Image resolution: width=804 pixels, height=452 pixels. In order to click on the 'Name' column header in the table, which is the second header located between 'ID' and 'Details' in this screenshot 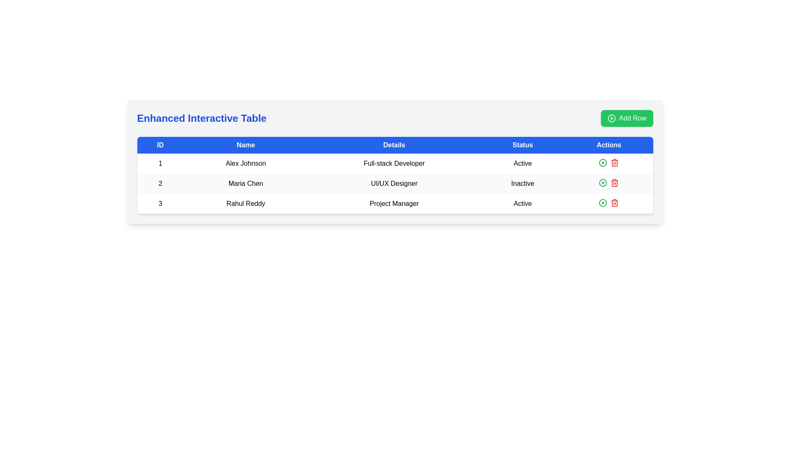, I will do `click(245, 145)`.